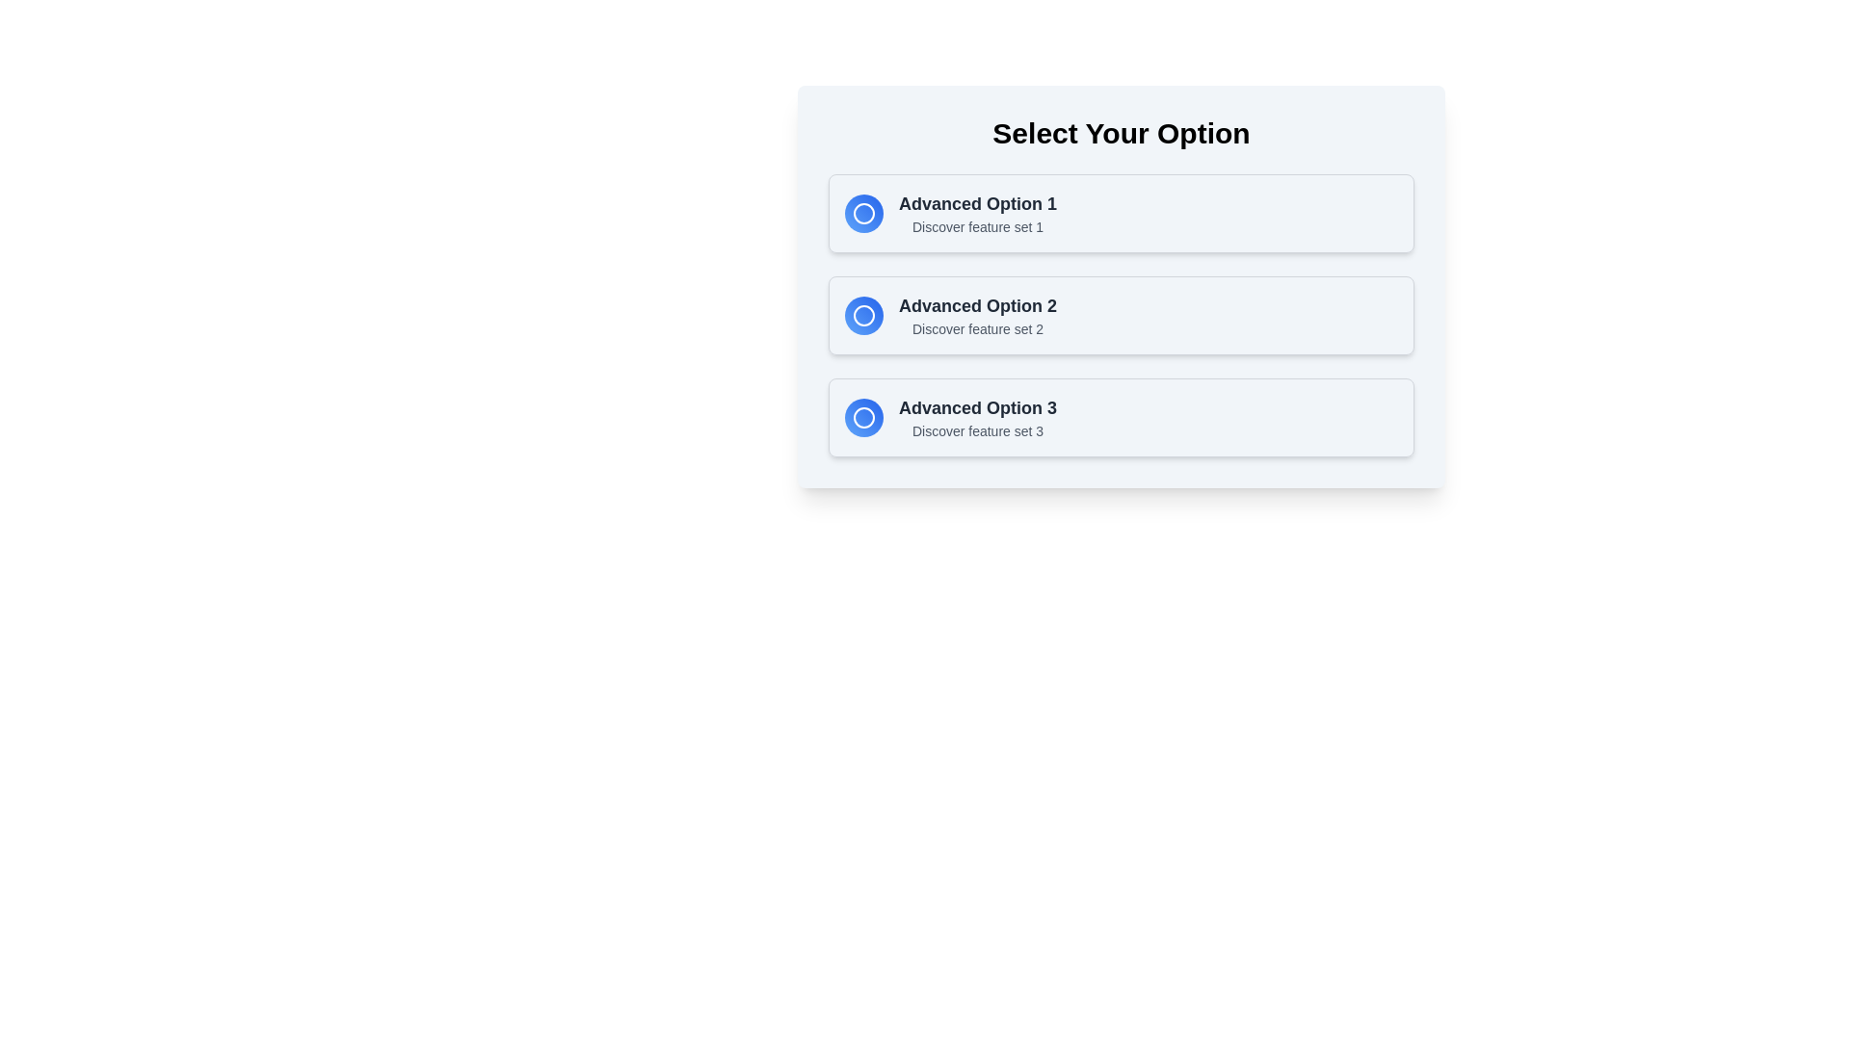 Image resolution: width=1850 pixels, height=1040 pixels. What do you see at coordinates (863, 214) in the screenshot?
I see `the circular icon with a white border and blue gradient background, which is the first icon in a vertical list of options located at the top left corner of the first option` at bounding box center [863, 214].